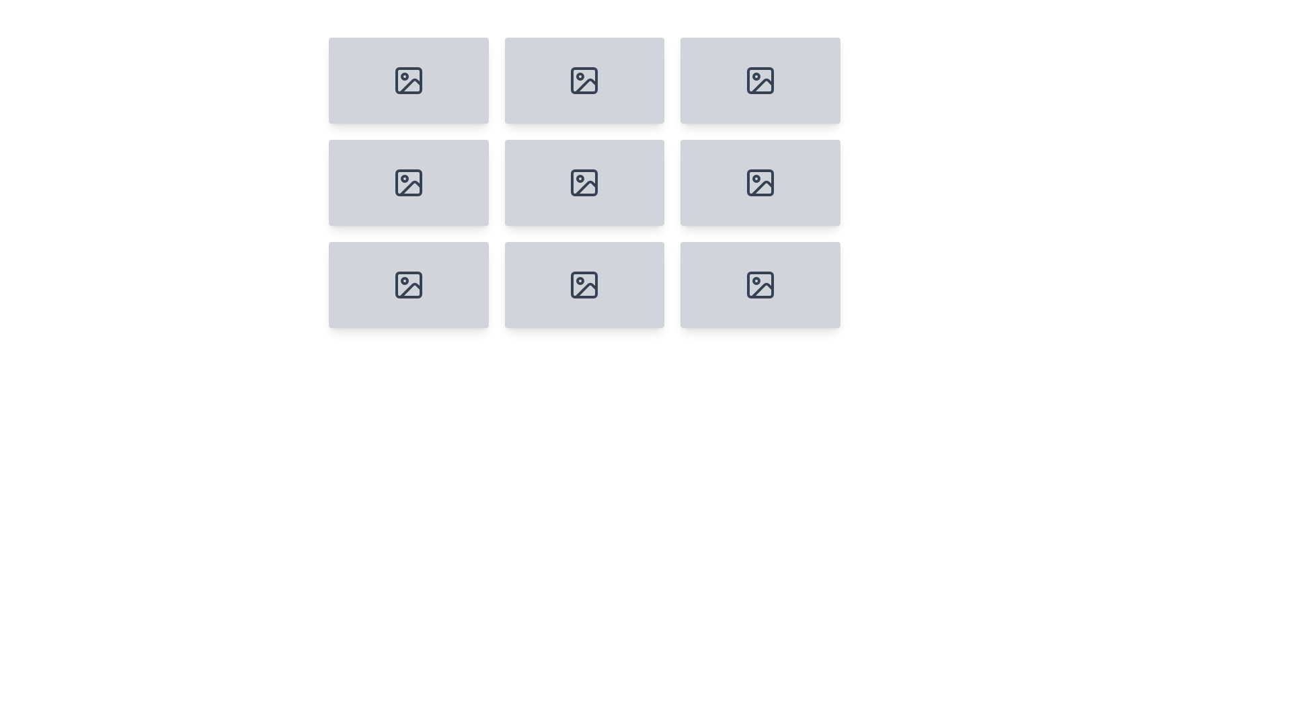 This screenshot has width=1291, height=726. I want to click on the image tile, which is a rectangular tile with rounded corners and a light gray background, featuring an image placeholder icon in dark gray, located at the second position in the first row of a 3x3 grid layout, so click(584, 80).